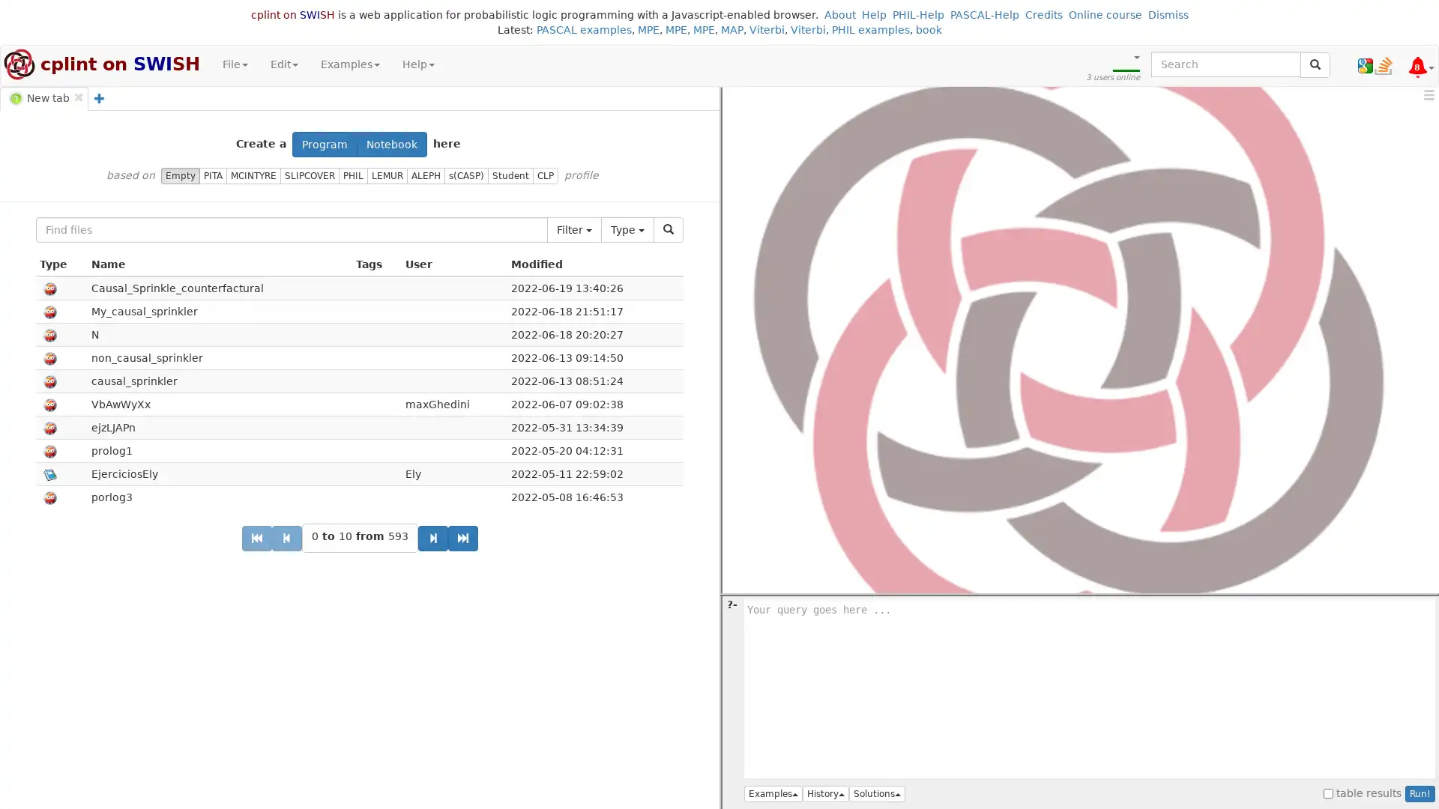 This screenshot has width=1439, height=809. Describe the element at coordinates (825, 793) in the screenshot. I see `History` at that location.